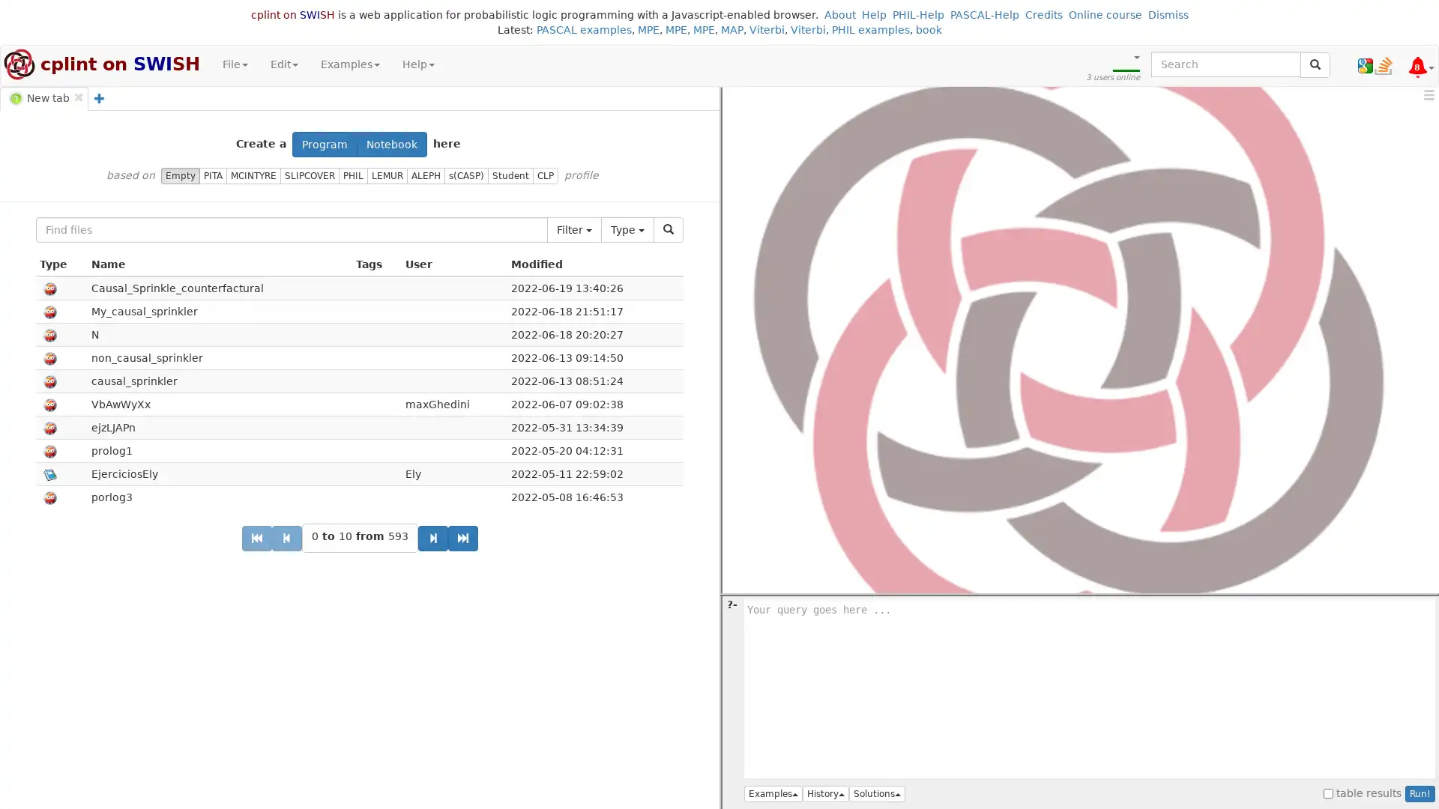 This screenshot has width=1439, height=809. Describe the element at coordinates (825, 793) in the screenshot. I see `History` at that location.